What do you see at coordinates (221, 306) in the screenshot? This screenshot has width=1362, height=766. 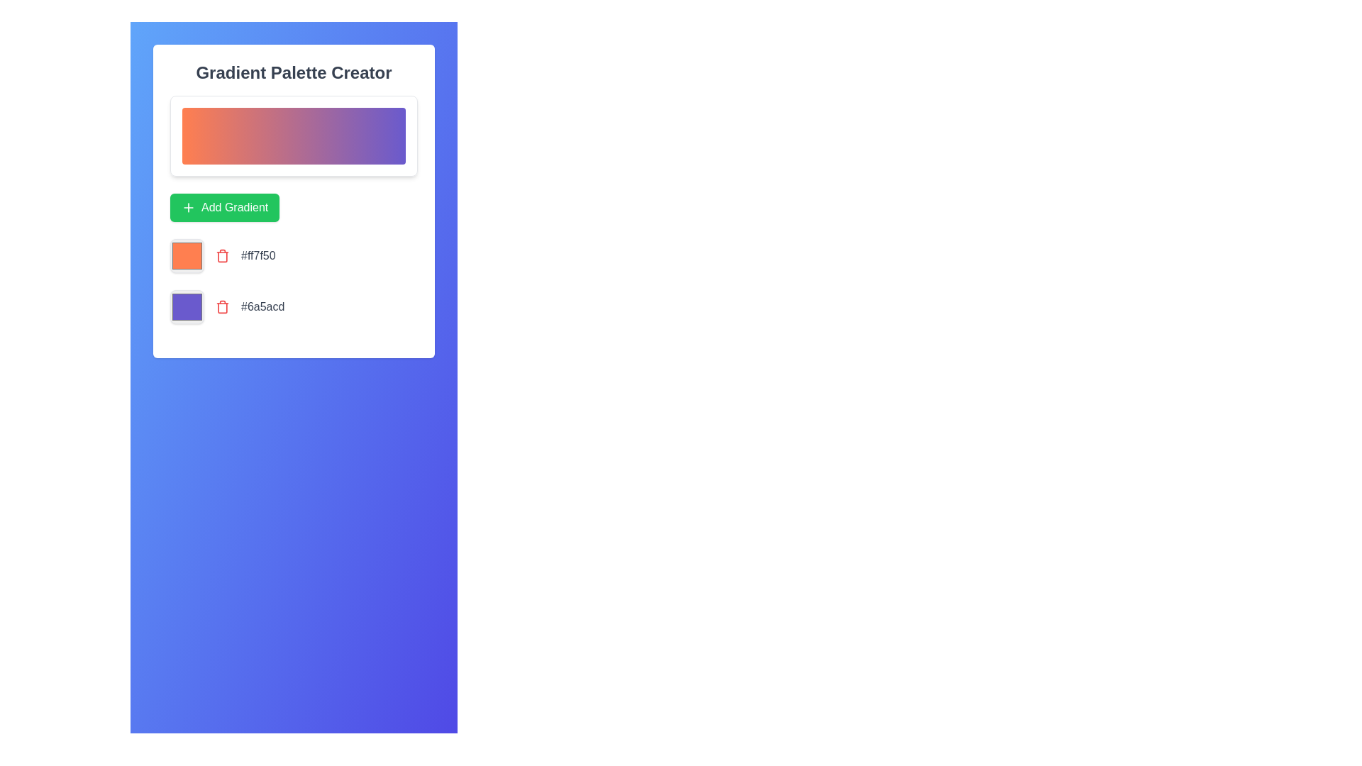 I see `the delete button located to the right of the small square color preview and to the left of the associated color code label` at bounding box center [221, 306].